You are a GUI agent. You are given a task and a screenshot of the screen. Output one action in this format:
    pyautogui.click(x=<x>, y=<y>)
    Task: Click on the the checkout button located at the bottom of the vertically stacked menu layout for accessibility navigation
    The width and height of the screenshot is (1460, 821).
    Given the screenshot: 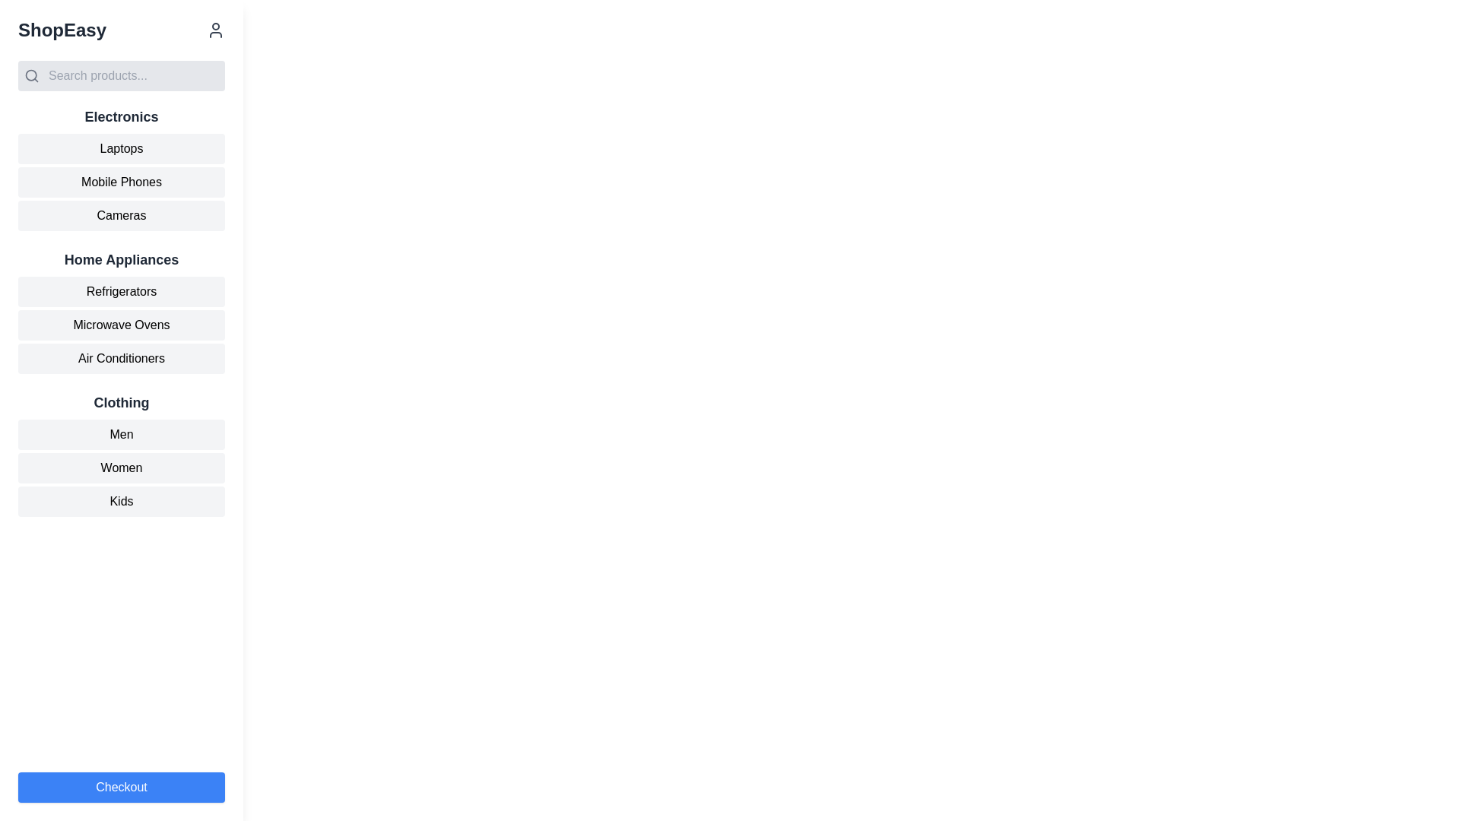 What is the action you would take?
    pyautogui.click(x=120, y=787)
    